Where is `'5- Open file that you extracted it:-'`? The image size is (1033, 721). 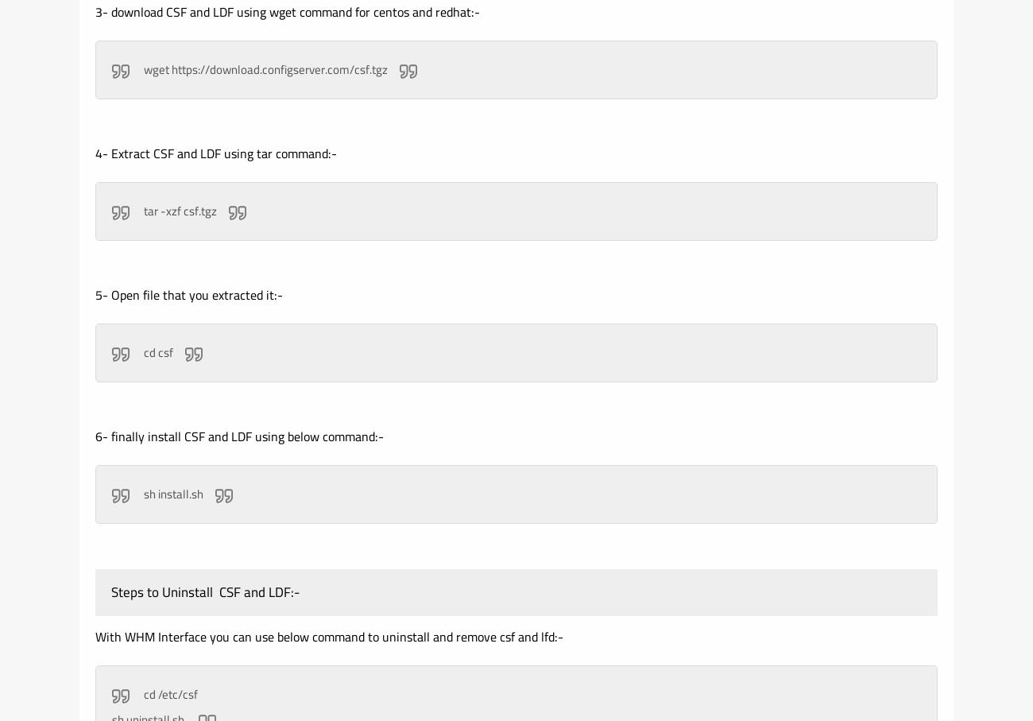 '5- Open file that you extracted it:-' is located at coordinates (94, 293).